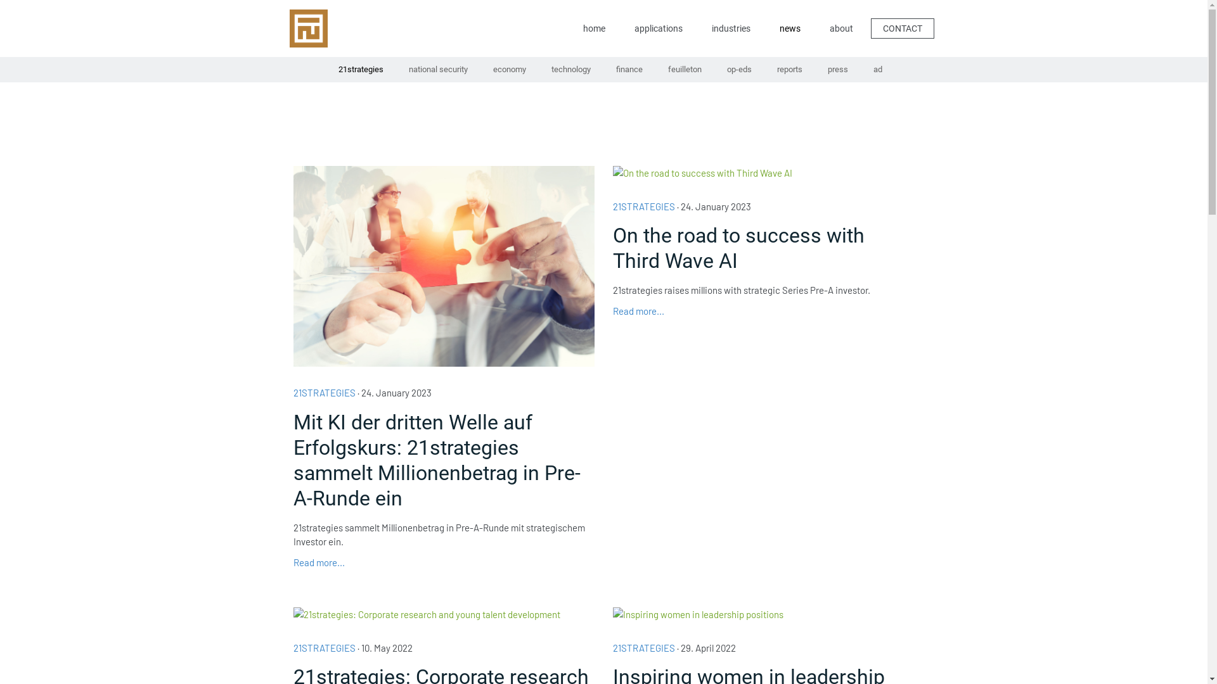 The height and width of the screenshot is (684, 1217). I want to click on '21STRATEGIES', so click(292, 392).